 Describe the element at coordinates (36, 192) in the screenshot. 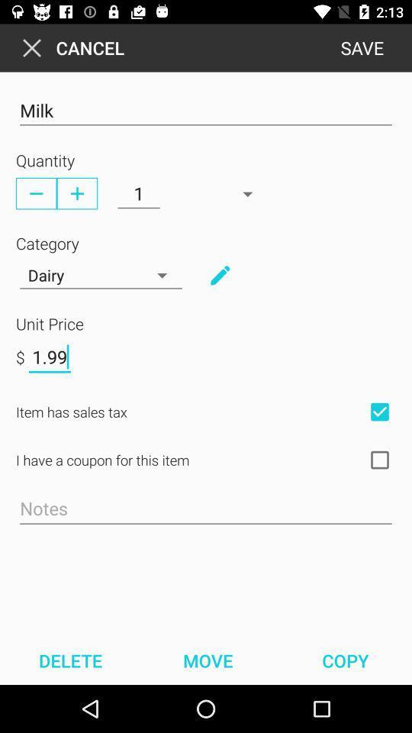

I see `minus sign icon` at that location.